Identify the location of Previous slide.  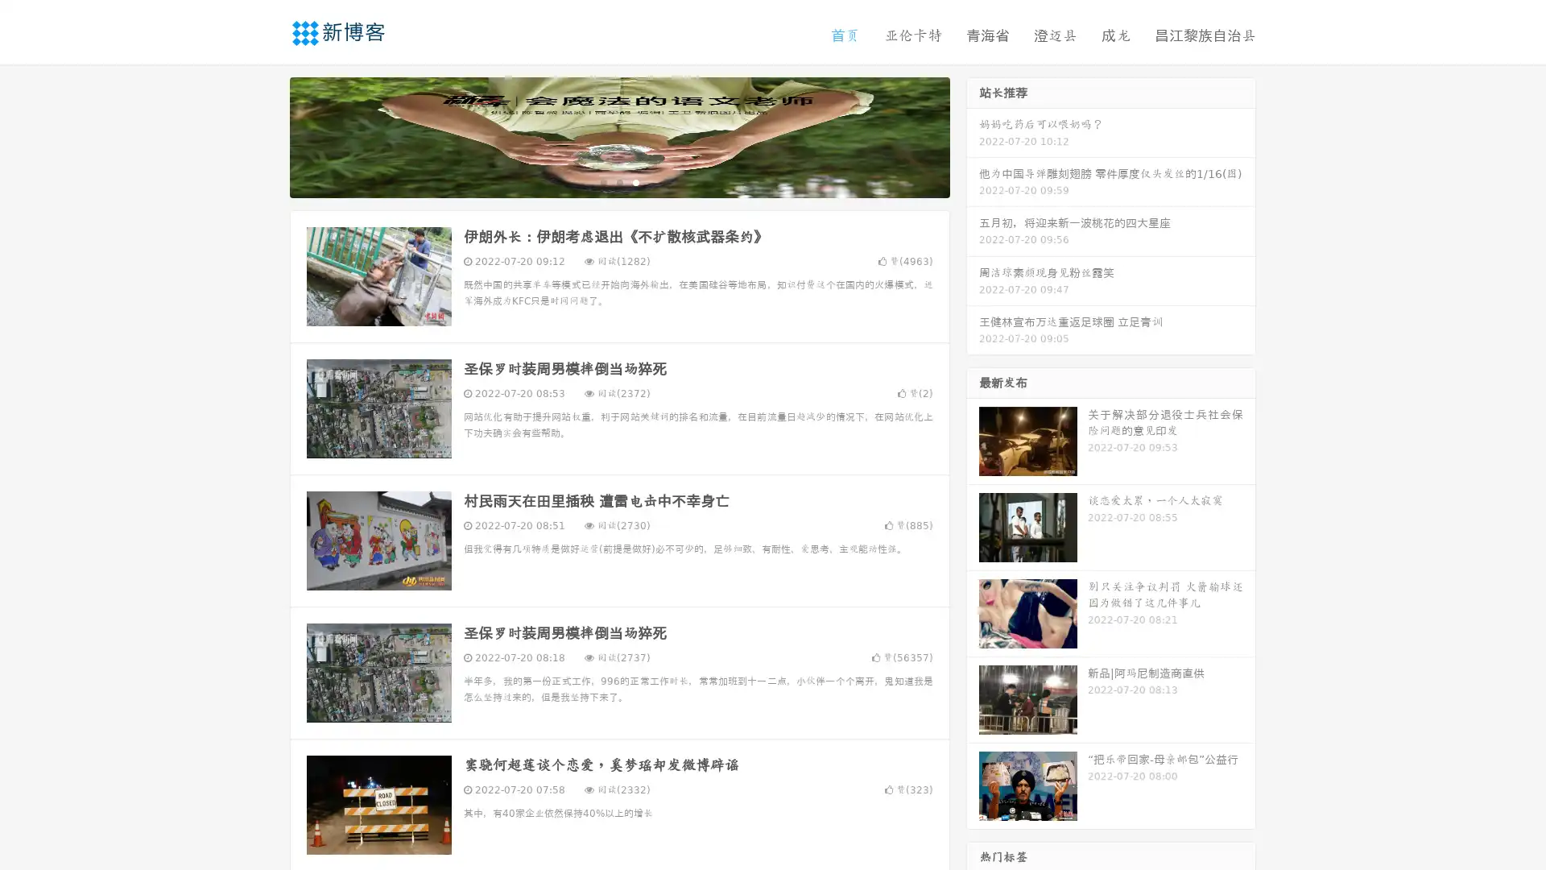
(266, 135).